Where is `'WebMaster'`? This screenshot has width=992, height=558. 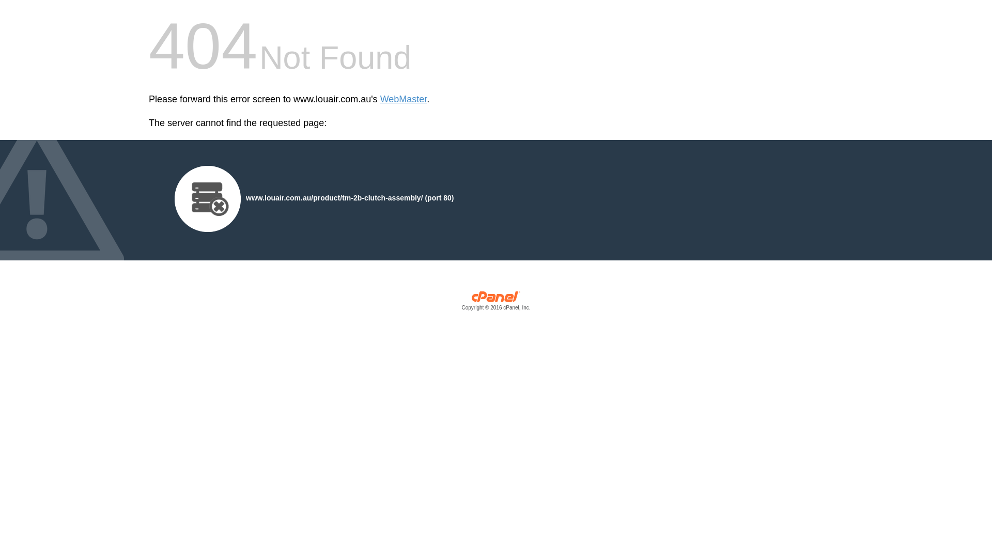
'WebMaster' is located at coordinates (403, 99).